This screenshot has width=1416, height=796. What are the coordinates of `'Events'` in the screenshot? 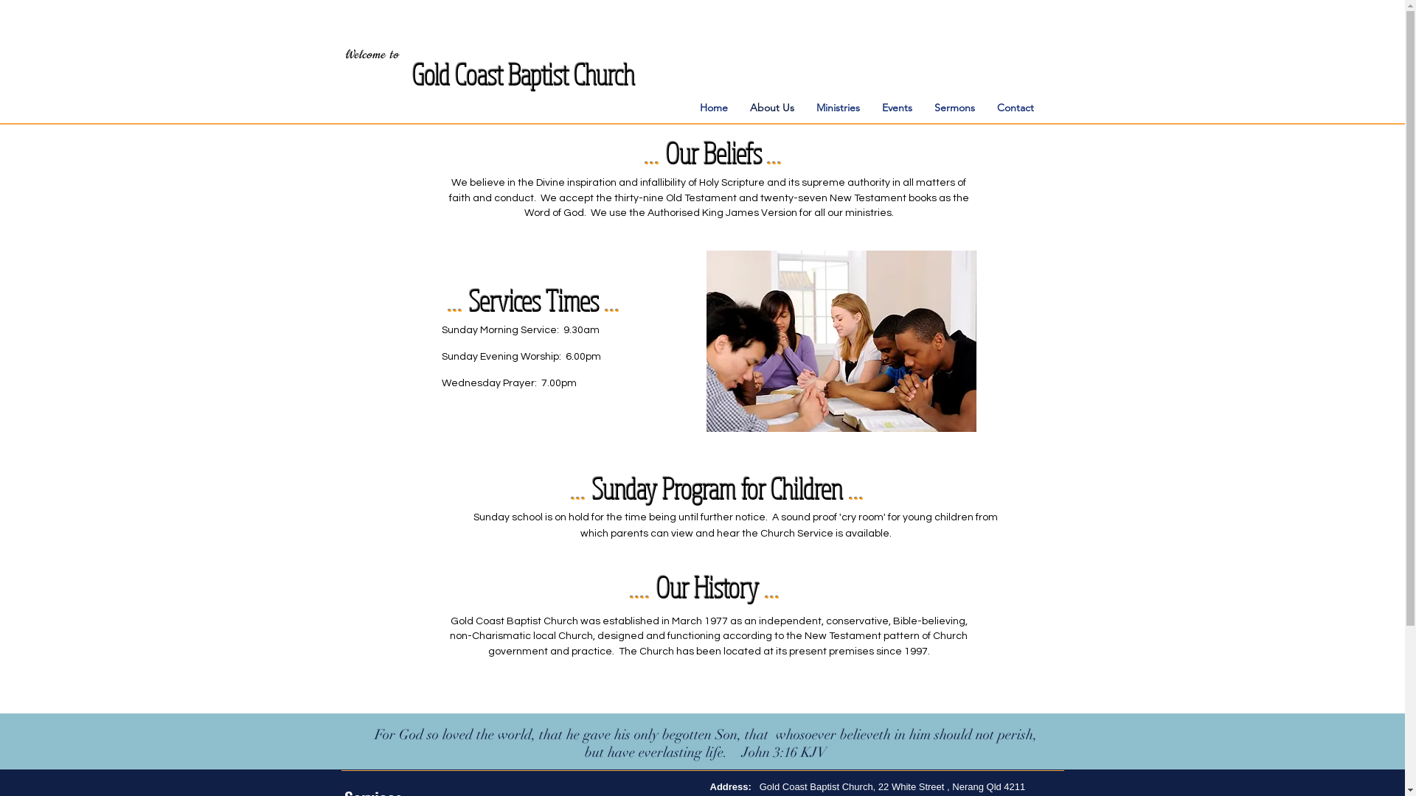 It's located at (895, 107).